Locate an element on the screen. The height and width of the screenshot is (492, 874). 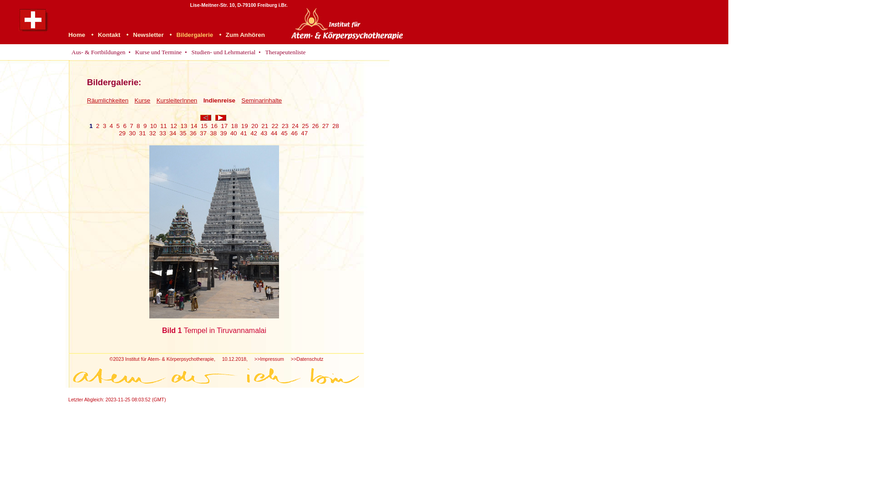
'10' is located at coordinates (150, 126).